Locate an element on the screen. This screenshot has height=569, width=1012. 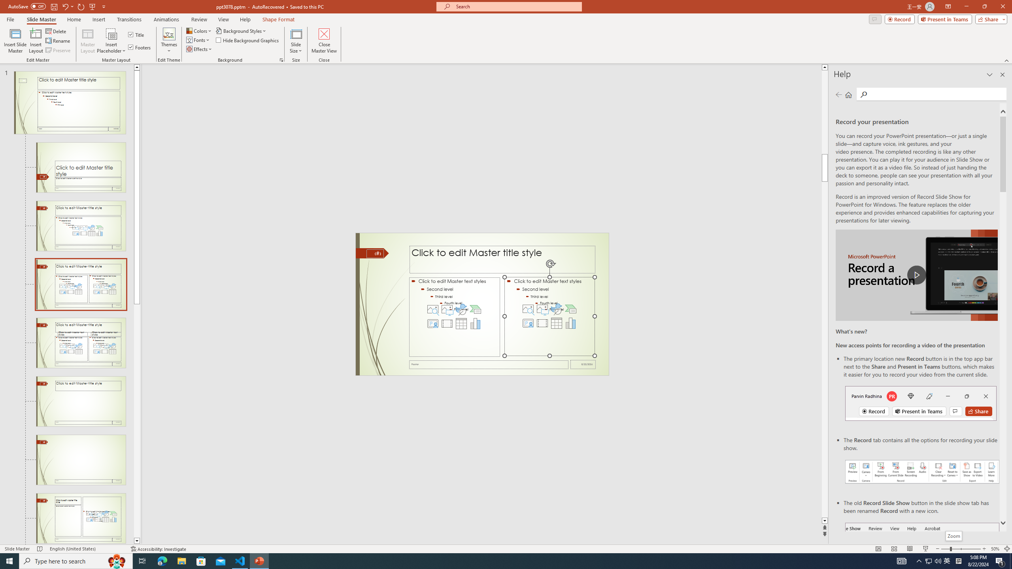
'Insert Cameo' is located at coordinates (528, 322).